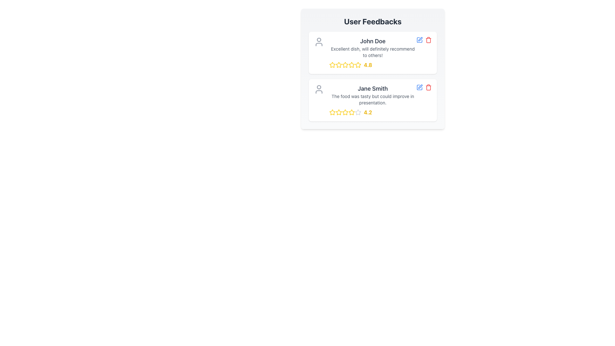 The height and width of the screenshot is (346, 615). Describe the element at coordinates (338, 64) in the screenshot. I see `the third star icon in the rating system under the review titled 'John Doe' to rate it` at that location.